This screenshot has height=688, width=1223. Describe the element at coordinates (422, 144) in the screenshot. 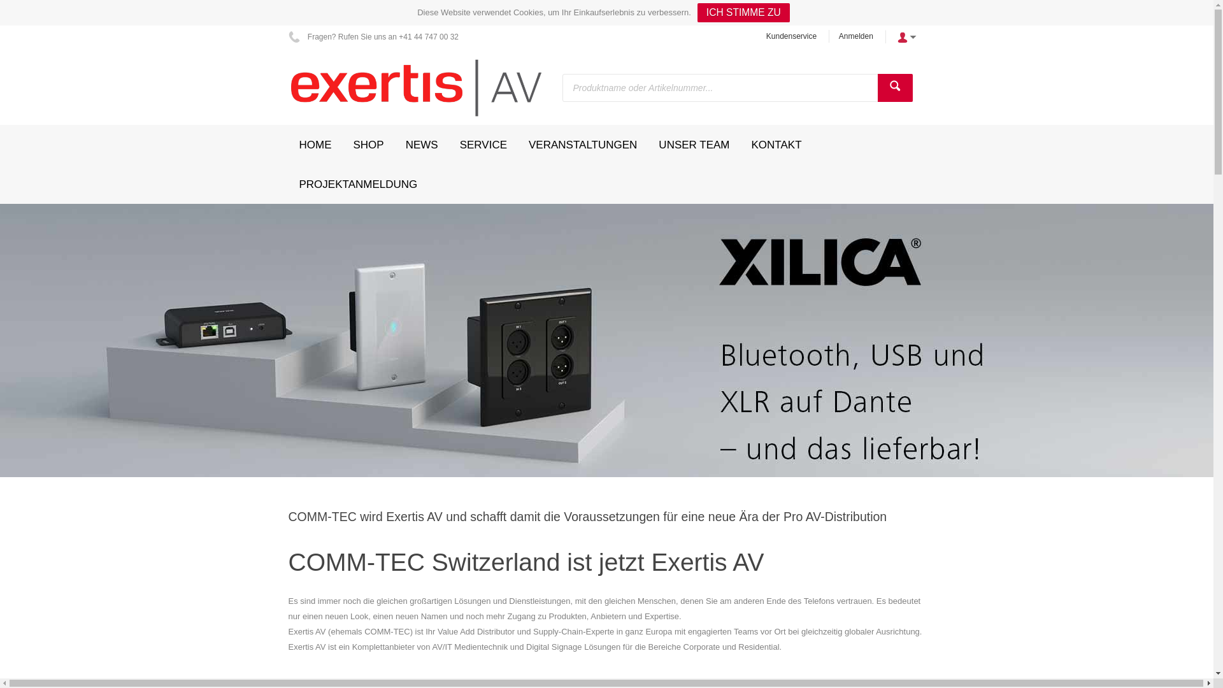

I see `'NEWS'` at that location.